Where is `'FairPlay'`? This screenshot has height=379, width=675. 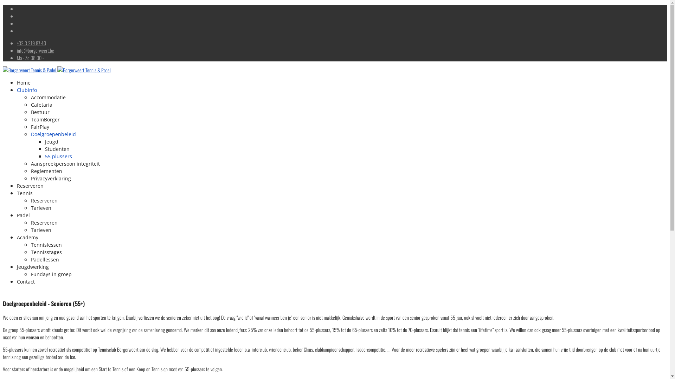 'FairPlay' is located at coordinates (40, 127).